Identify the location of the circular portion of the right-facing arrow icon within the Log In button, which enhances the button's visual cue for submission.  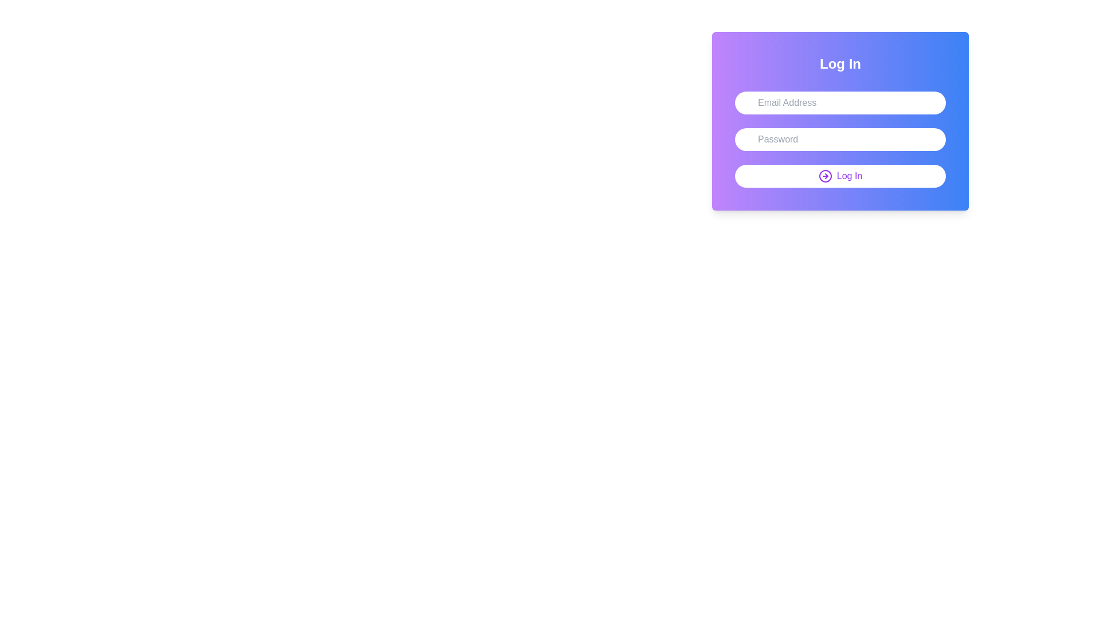
(825, 176).